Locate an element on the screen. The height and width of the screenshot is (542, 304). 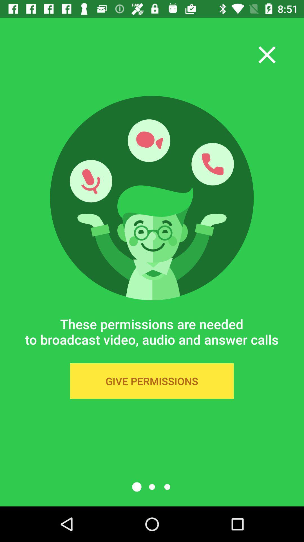
the x button closes the window is located at coordinates (267, 55).